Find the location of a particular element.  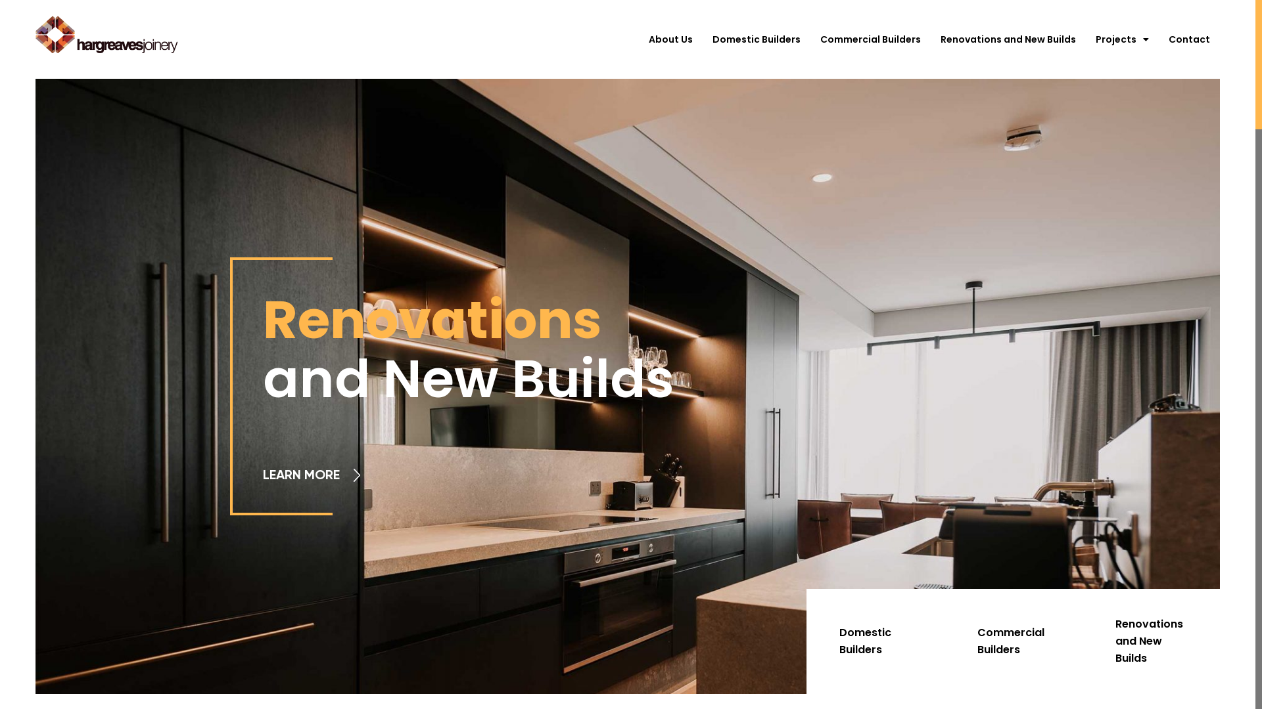

'Contact' is located at coordinates (1158, 39).